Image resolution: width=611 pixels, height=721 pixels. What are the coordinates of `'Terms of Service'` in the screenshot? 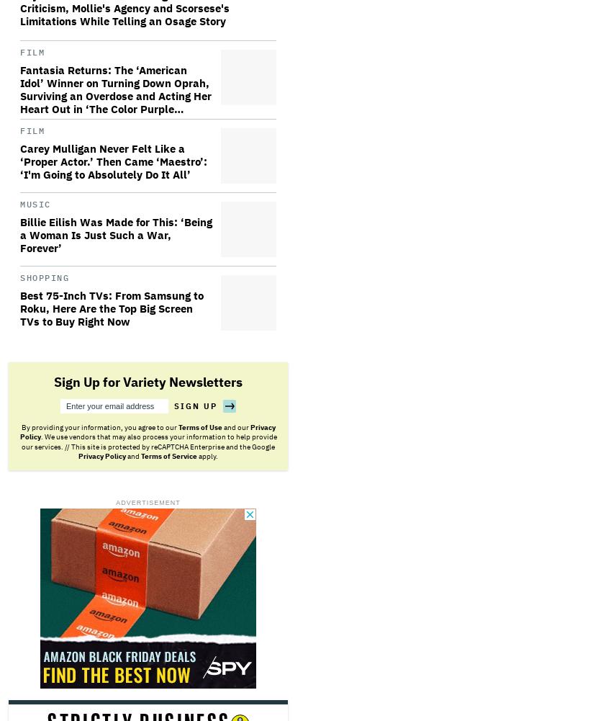 It's located at (140, 456).